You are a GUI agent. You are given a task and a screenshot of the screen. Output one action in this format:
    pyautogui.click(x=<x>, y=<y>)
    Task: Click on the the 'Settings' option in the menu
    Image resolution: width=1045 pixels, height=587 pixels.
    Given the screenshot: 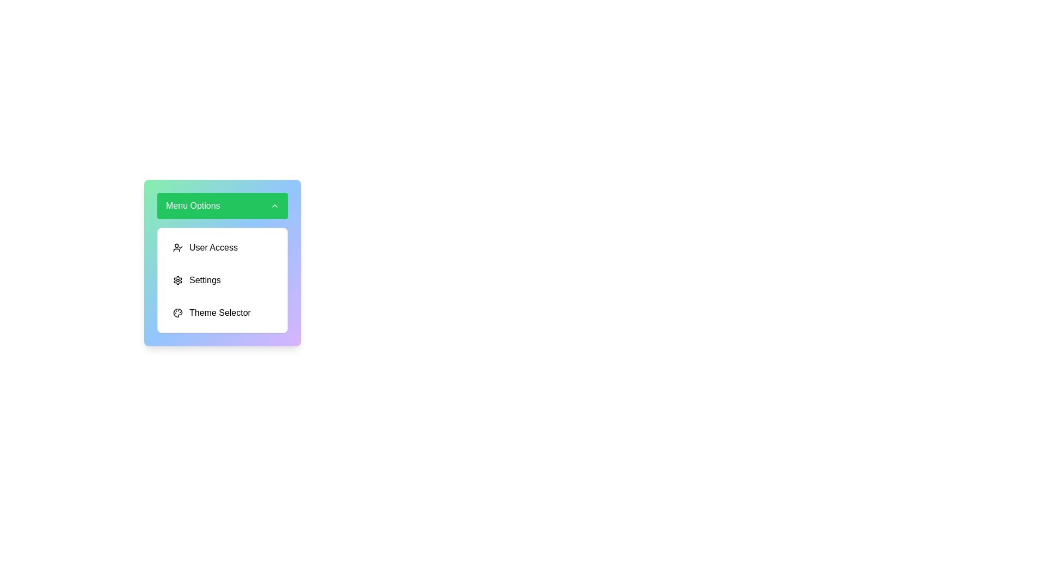 What is the action you would take?
    pyautogui.click(x=222, y=280)
    